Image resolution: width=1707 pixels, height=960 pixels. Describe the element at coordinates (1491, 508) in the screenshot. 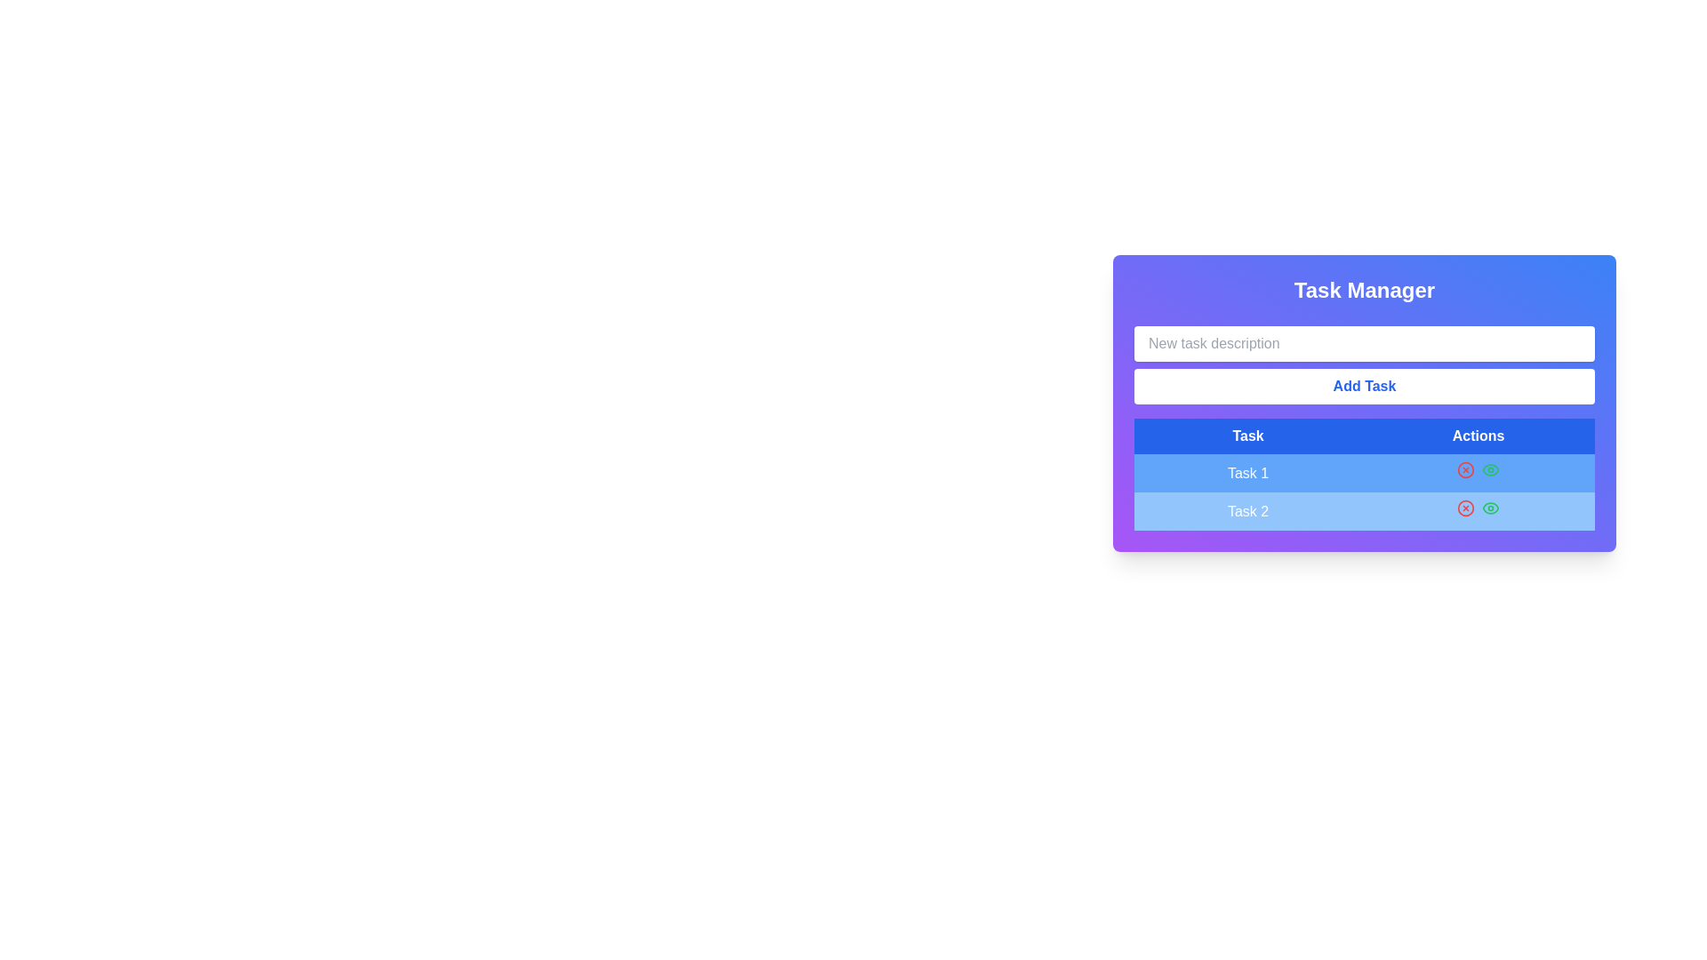

I see `the green eye icon located in the second row under the 'Actions' column next to 'Task 1' to signify the visibility toggle or preview functionality` at that location.